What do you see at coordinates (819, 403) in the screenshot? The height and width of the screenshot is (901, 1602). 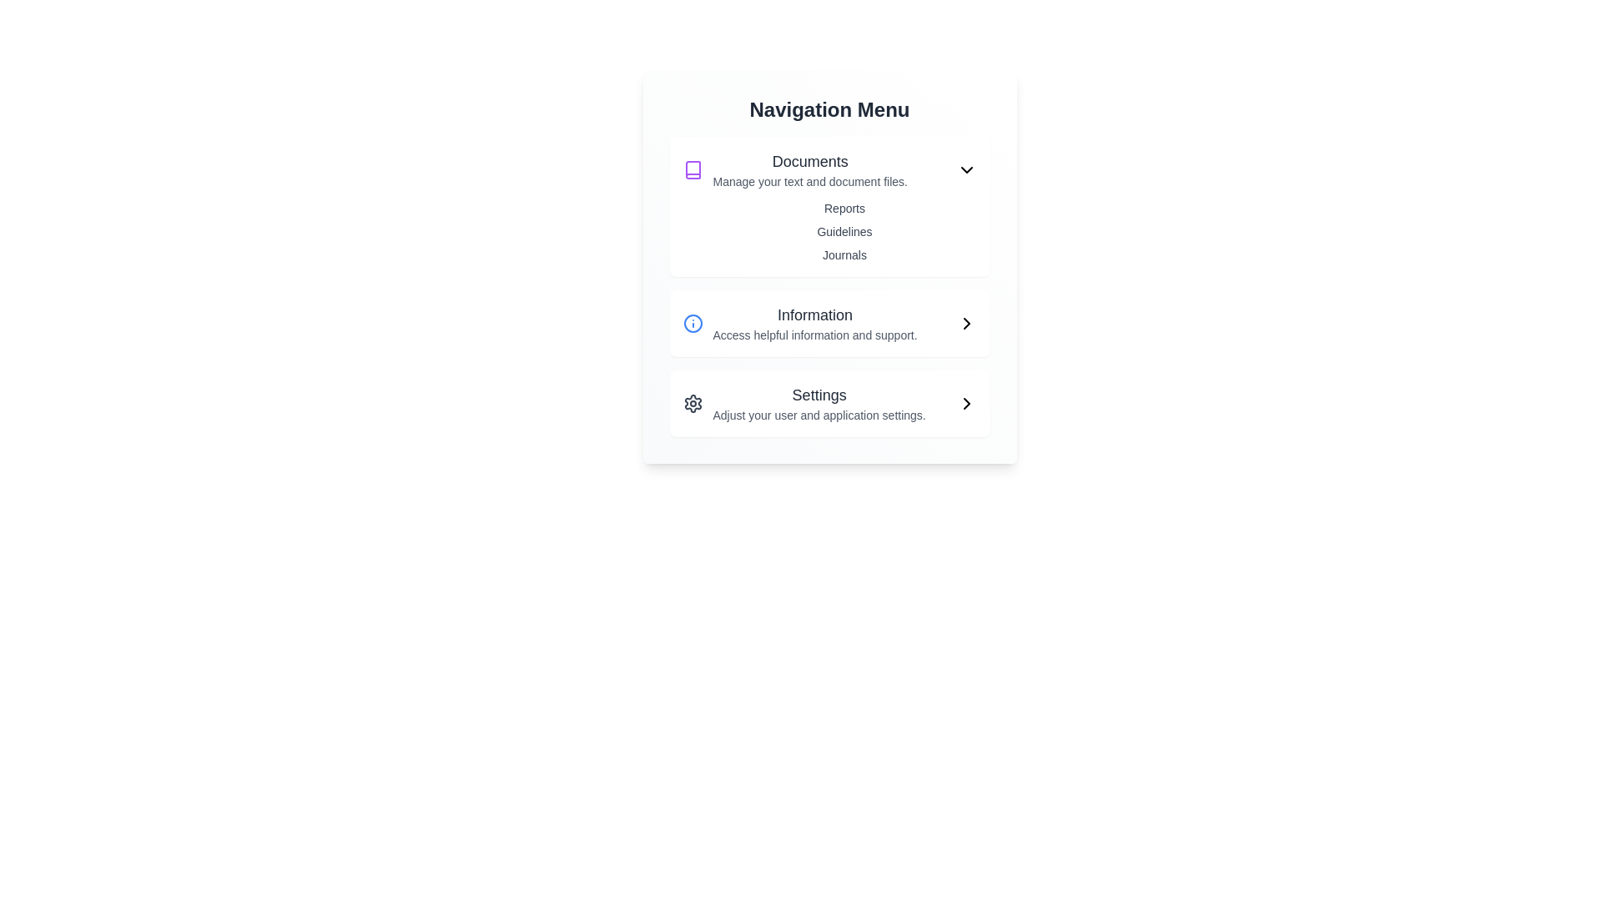 I see `the 'Settings' interactive display item located in the third row of the vertical navigation menu` at bounding box center [819, 403].